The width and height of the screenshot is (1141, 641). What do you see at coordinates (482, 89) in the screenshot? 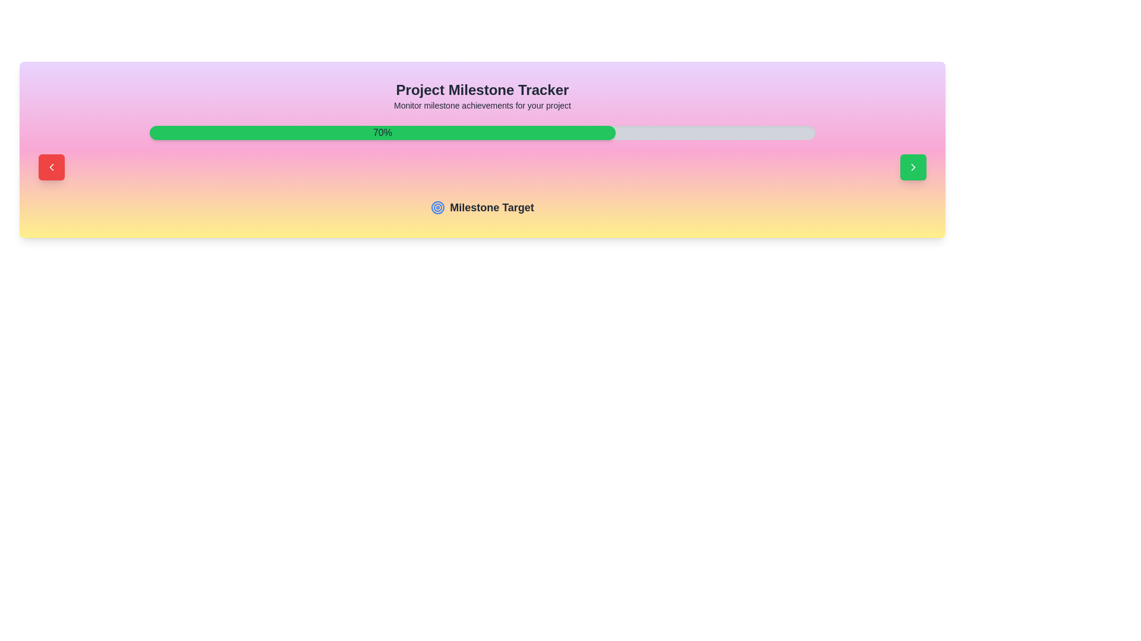
I see `the bold and large text label reading 'Project Milestone Tracker', which is styled with the class 'text-2xl font-bold' and located in the top section of the interface, centered horizontally` at bounding box center [482, 89].